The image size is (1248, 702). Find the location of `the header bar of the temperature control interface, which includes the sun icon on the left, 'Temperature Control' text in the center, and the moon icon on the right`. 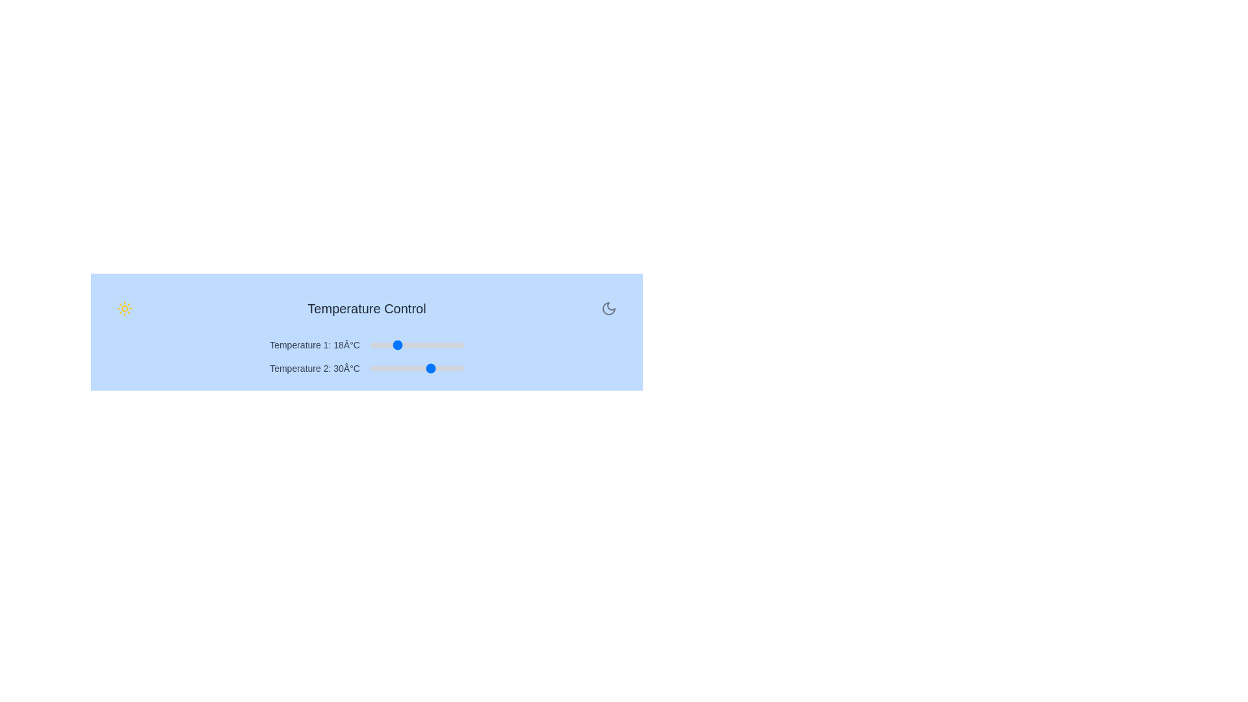

the header bar of the temperature control interface, which includes the sun icon on the left, 'Temperature Control' text in the center, and the moon icon on the right is located at coordinates (366, 308).